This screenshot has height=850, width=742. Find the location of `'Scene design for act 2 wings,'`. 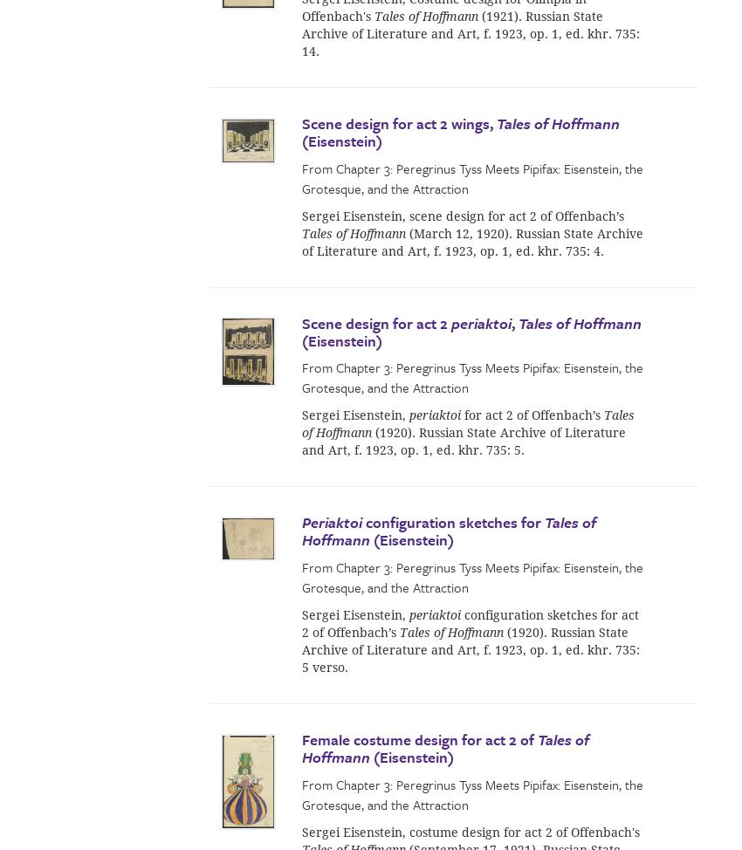

'Scene design for act 2 wings,' is located at coordinates (398, 122).